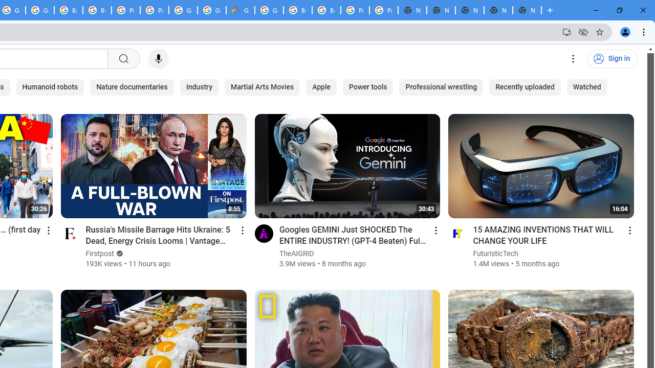 This screenshot has width=655, height=368. I want to click on 'Google Cloud Estimate Summary', so click(239, 10).